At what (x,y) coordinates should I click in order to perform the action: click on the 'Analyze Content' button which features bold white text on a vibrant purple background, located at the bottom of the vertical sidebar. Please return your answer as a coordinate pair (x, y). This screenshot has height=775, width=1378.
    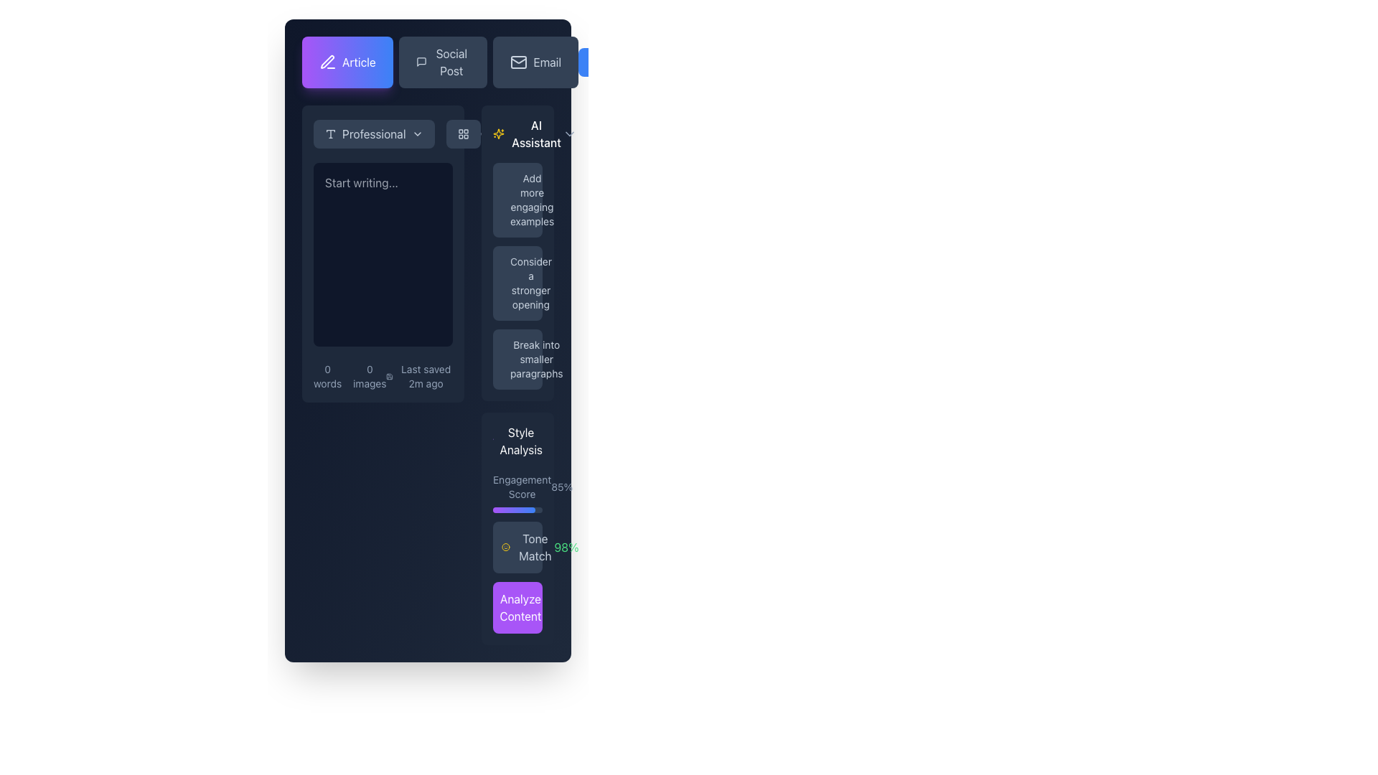
    Looking at the image, I should click on (520, 608).